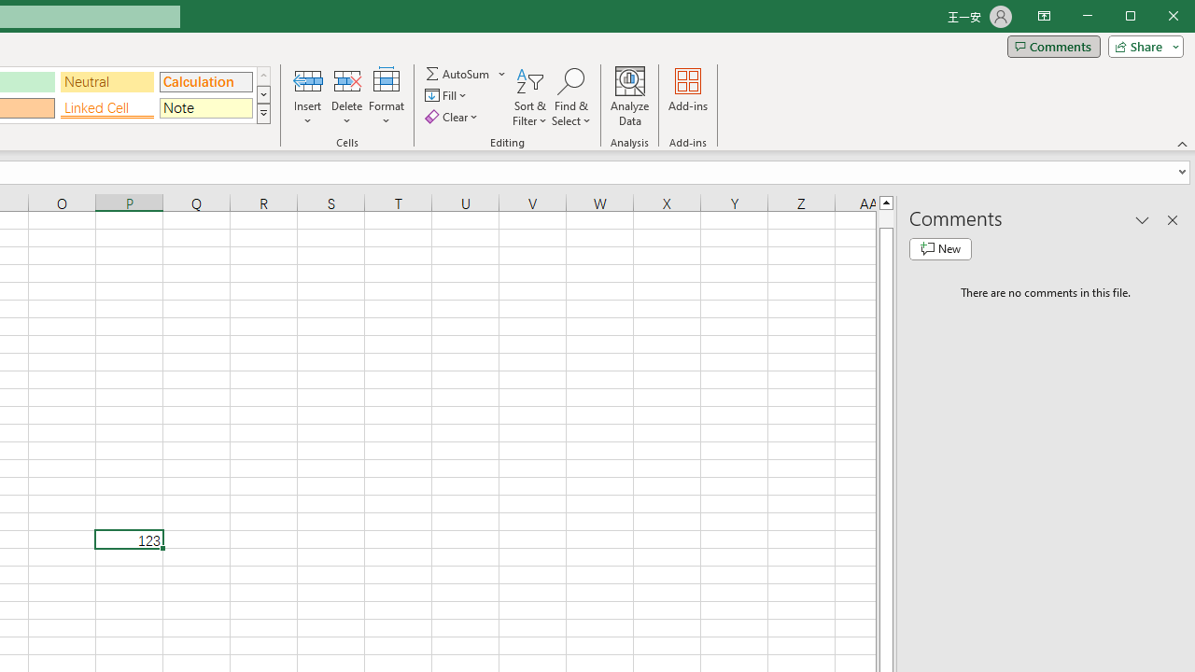 This screenshot has width=1195, height=672. Describe the element at coordinates (466, 73) in the screenshot. I see `'AutoSum'` at that location.